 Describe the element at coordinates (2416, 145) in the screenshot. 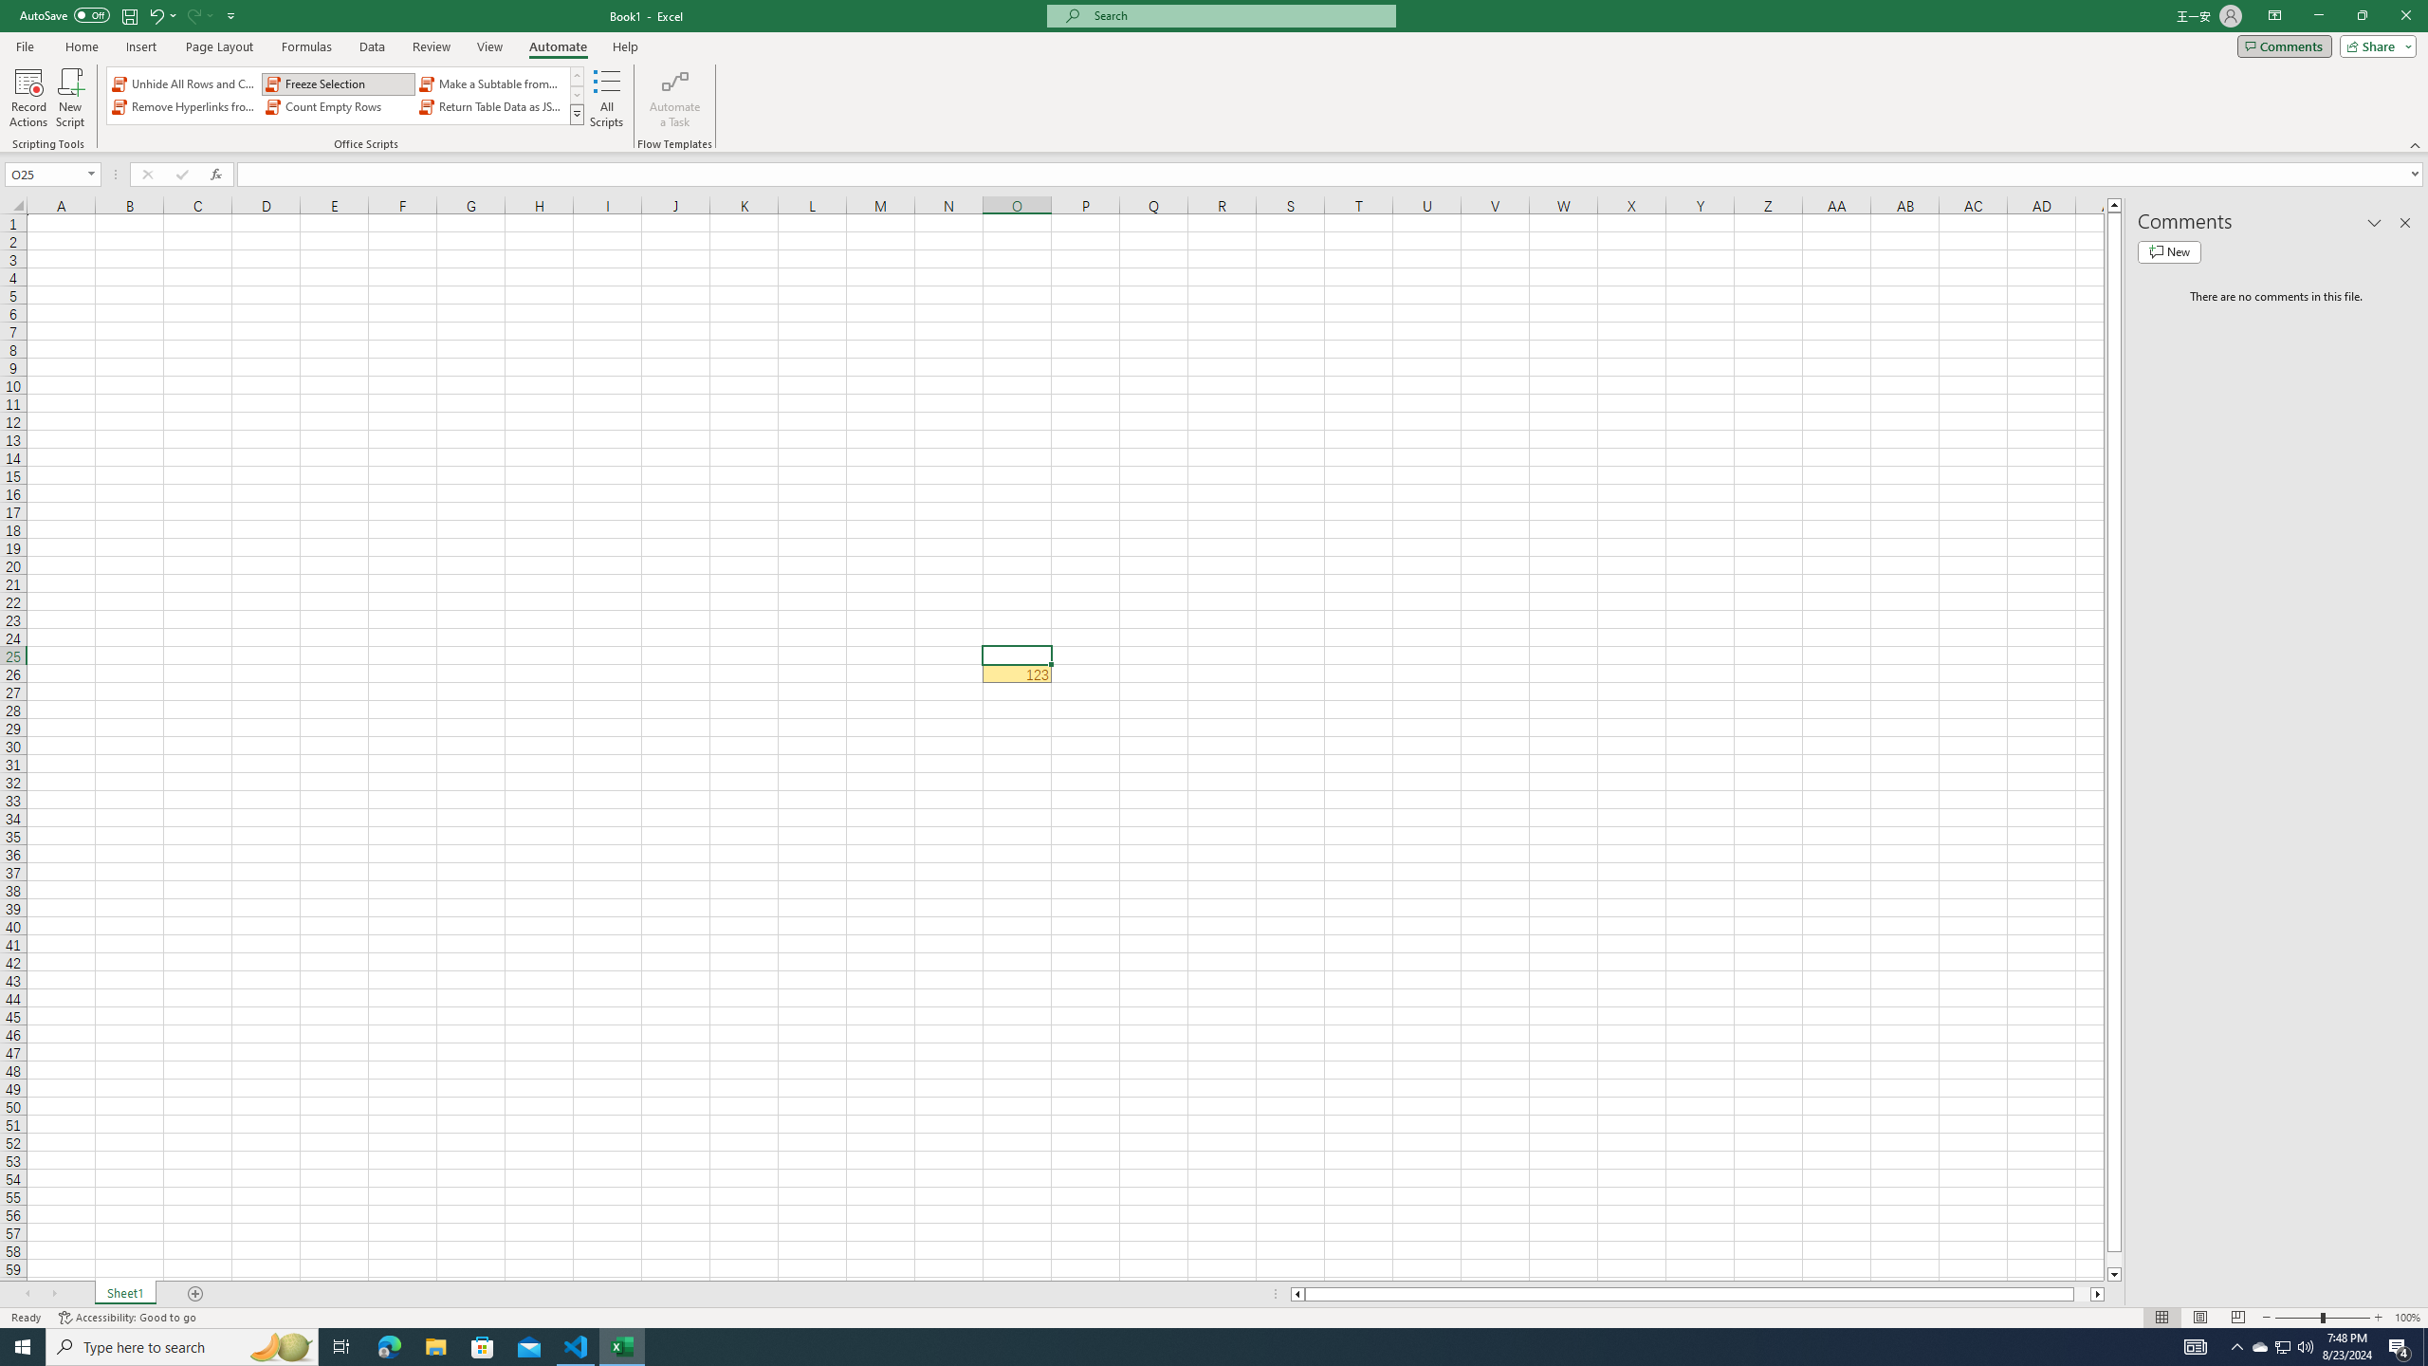

I see `'Collapse the Ribbon'` at that location.